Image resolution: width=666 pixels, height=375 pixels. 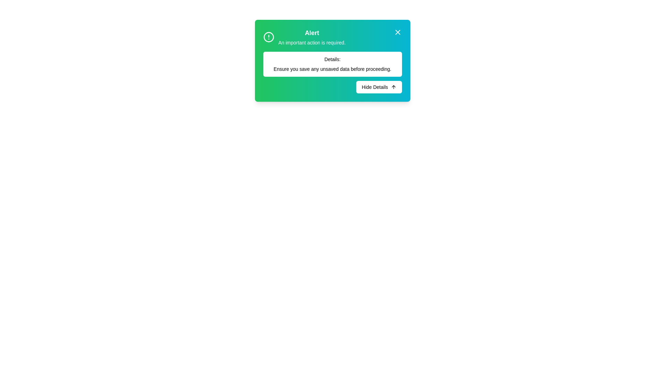 I want to click on the Notification header labeled 'Alert' which has an accompanying exclamation mark icon and is positioned above the 'Details' section, so click(x=304, y=37).